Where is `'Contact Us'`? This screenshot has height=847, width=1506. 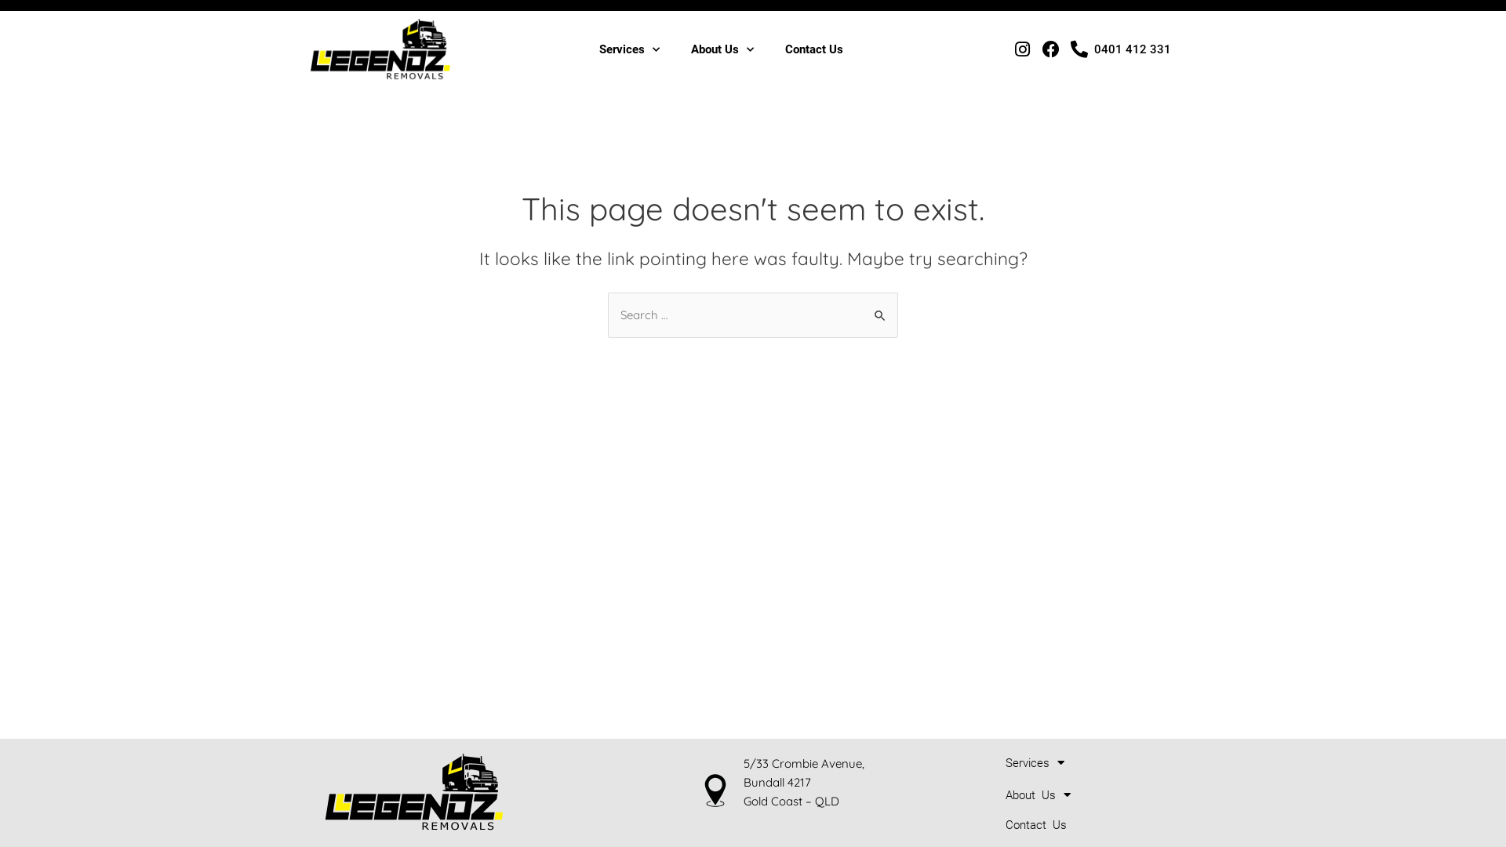
'Contact Us' is located at coordinates (1098, 824).